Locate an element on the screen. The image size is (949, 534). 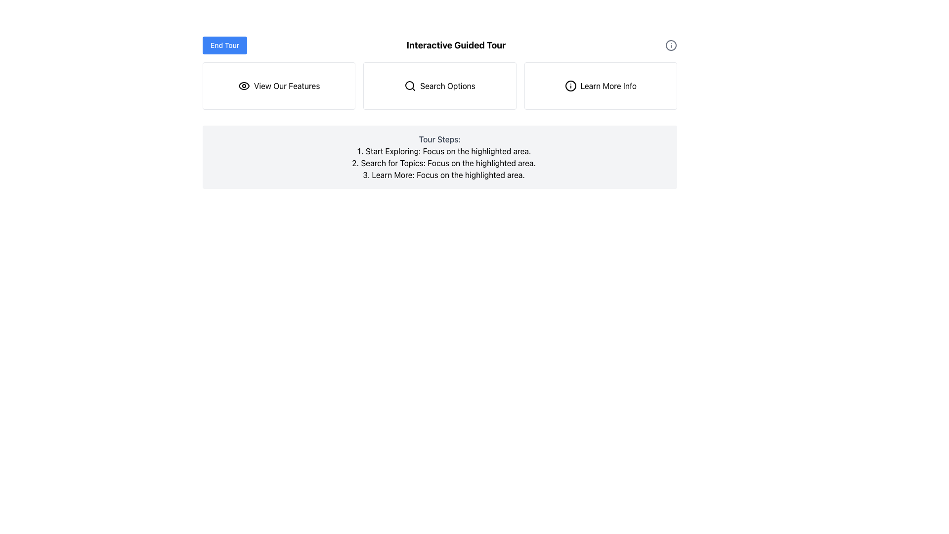
the third instructional text element in the 'Tour Steps' list, which provides guidance in a sequence of steps is located at coordinates (443, 175).